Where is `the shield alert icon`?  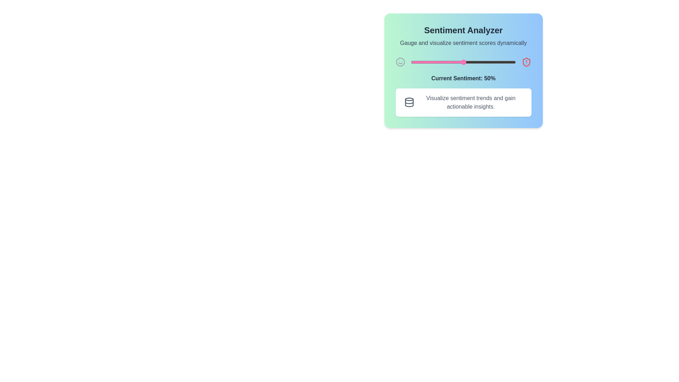
the shield alert icon is located at coordinates (526, 62).